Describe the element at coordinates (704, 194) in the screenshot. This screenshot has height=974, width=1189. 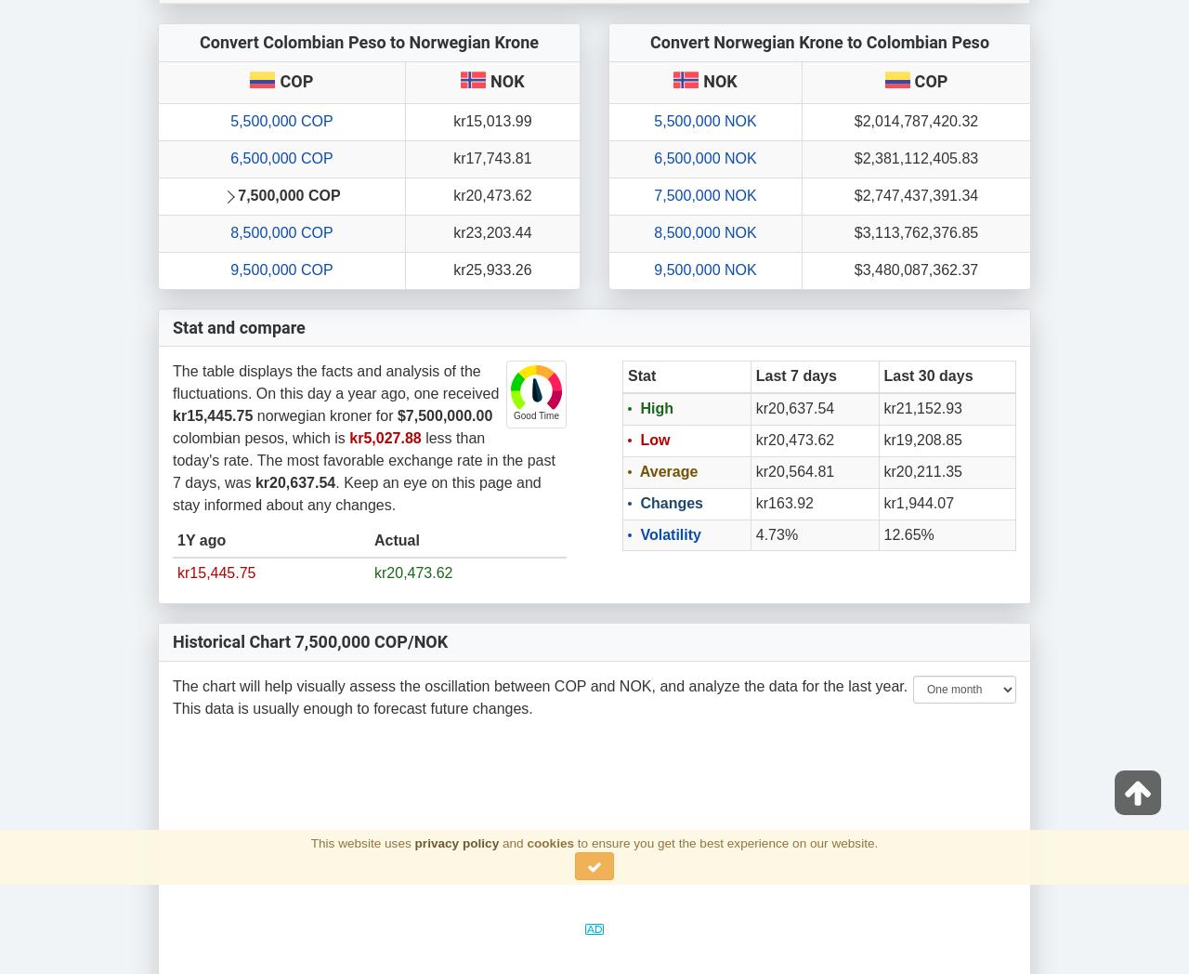
I see `'7,500,000 NOK'` at that location.